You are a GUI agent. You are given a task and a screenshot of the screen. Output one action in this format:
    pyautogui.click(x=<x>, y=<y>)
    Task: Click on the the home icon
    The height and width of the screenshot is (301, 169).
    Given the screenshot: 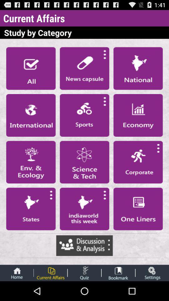 What is the action you would take?
    pyautogui.click(x=17, y=292)
    